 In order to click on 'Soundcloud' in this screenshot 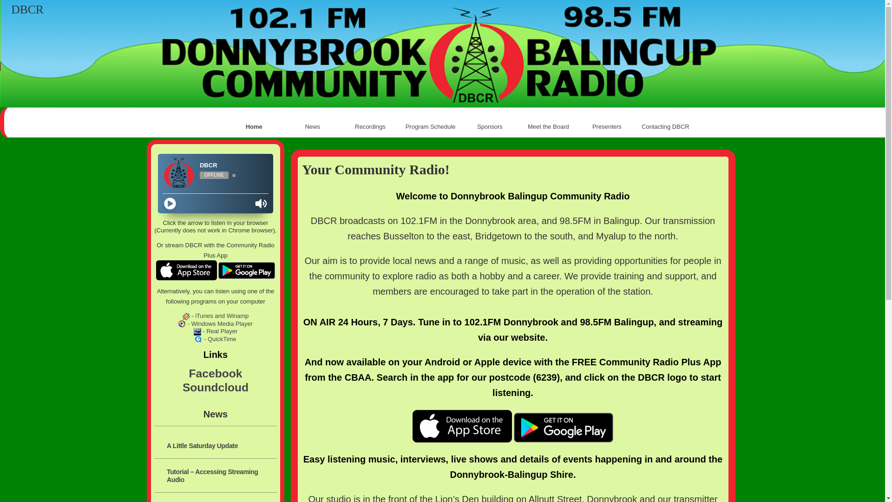, I will do `click(215, 387)`.